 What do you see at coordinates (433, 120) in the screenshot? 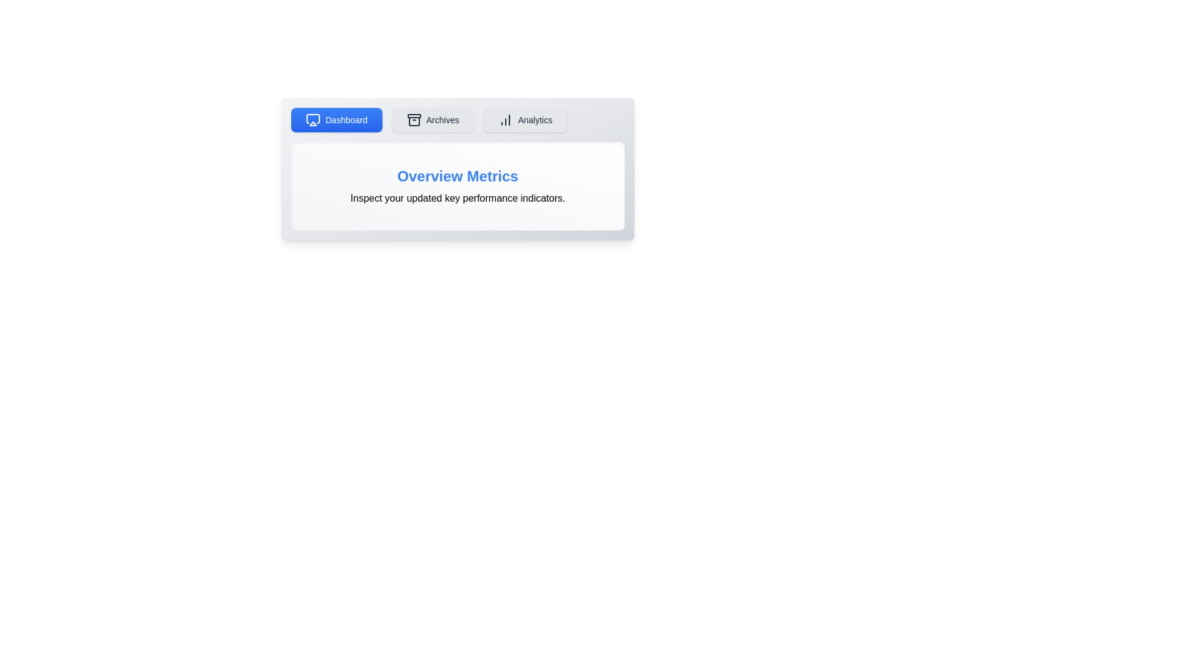
I see `the tab labeled Archives by clicking on it` at bounding box center [433, 120].